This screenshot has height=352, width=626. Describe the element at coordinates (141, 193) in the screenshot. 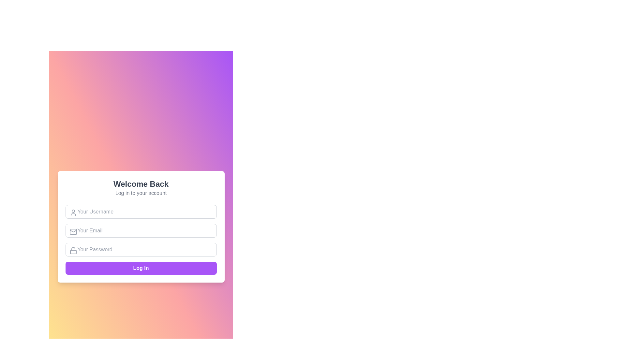

I see `the static text element that reads 'Log in to your account.' which is located below the heading 'Welcome Back.'` at that location.